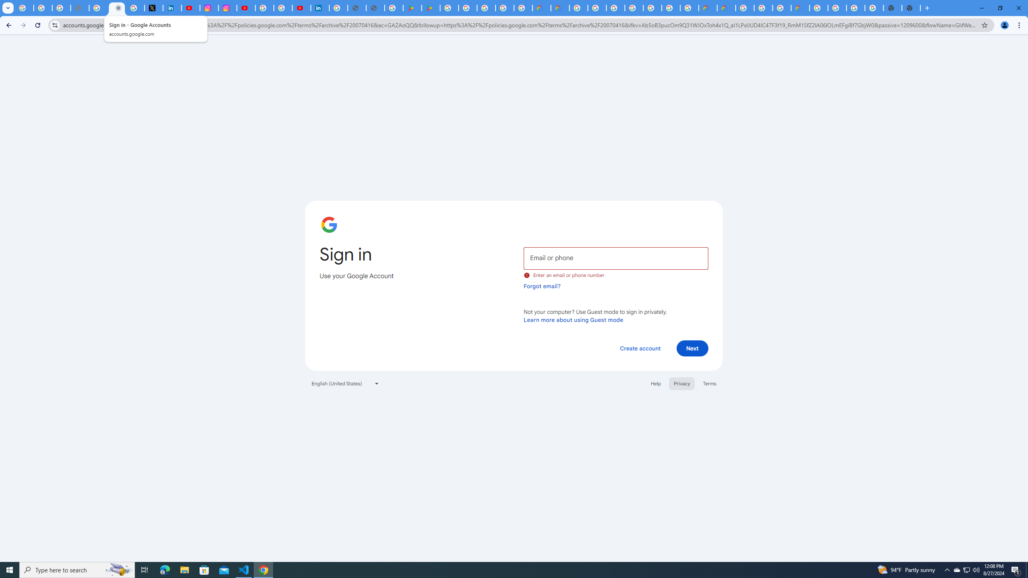 The width and height of the screenshot is (1028, 578). Describe the element at coordinates (800, 8) in the screenshot. I see `'Google Cloud Service Health'` at that location.